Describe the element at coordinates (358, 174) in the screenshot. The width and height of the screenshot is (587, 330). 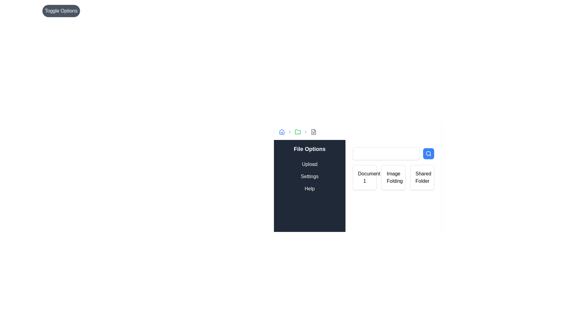
I see `the button labeled 'Document 1'` at that location.